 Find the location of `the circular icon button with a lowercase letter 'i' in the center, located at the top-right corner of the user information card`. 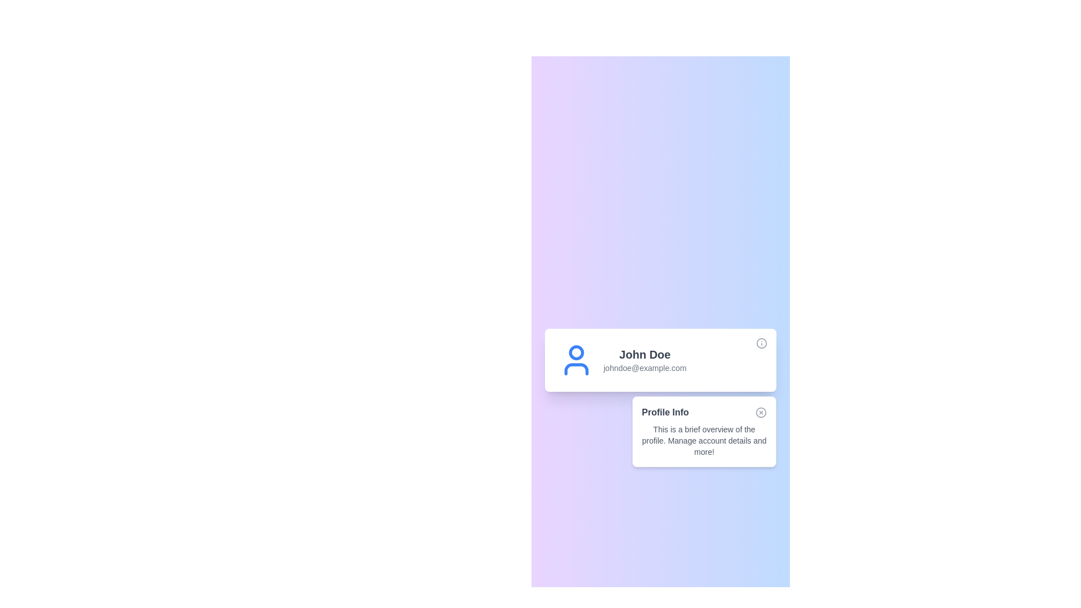

the circular icon button with a lowercase letter 'i' in the center, located at the top-right corner of the user information card is located at coordinates (762, 342).